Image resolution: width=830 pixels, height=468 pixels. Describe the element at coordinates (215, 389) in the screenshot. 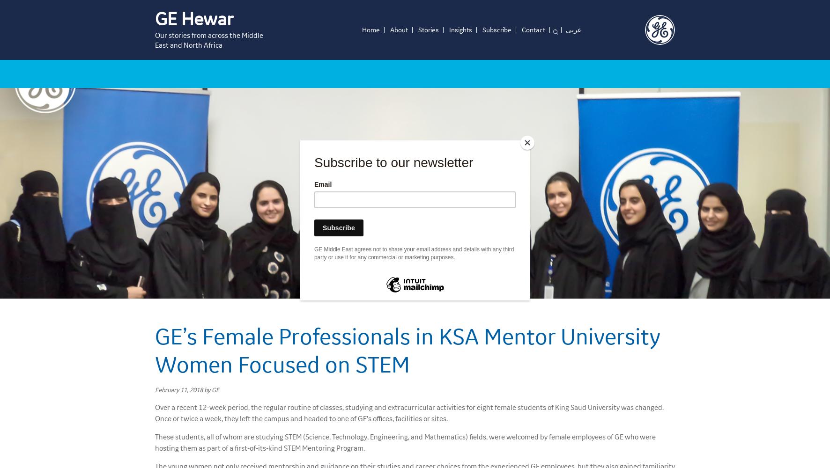

I see `'GE'` at that location.